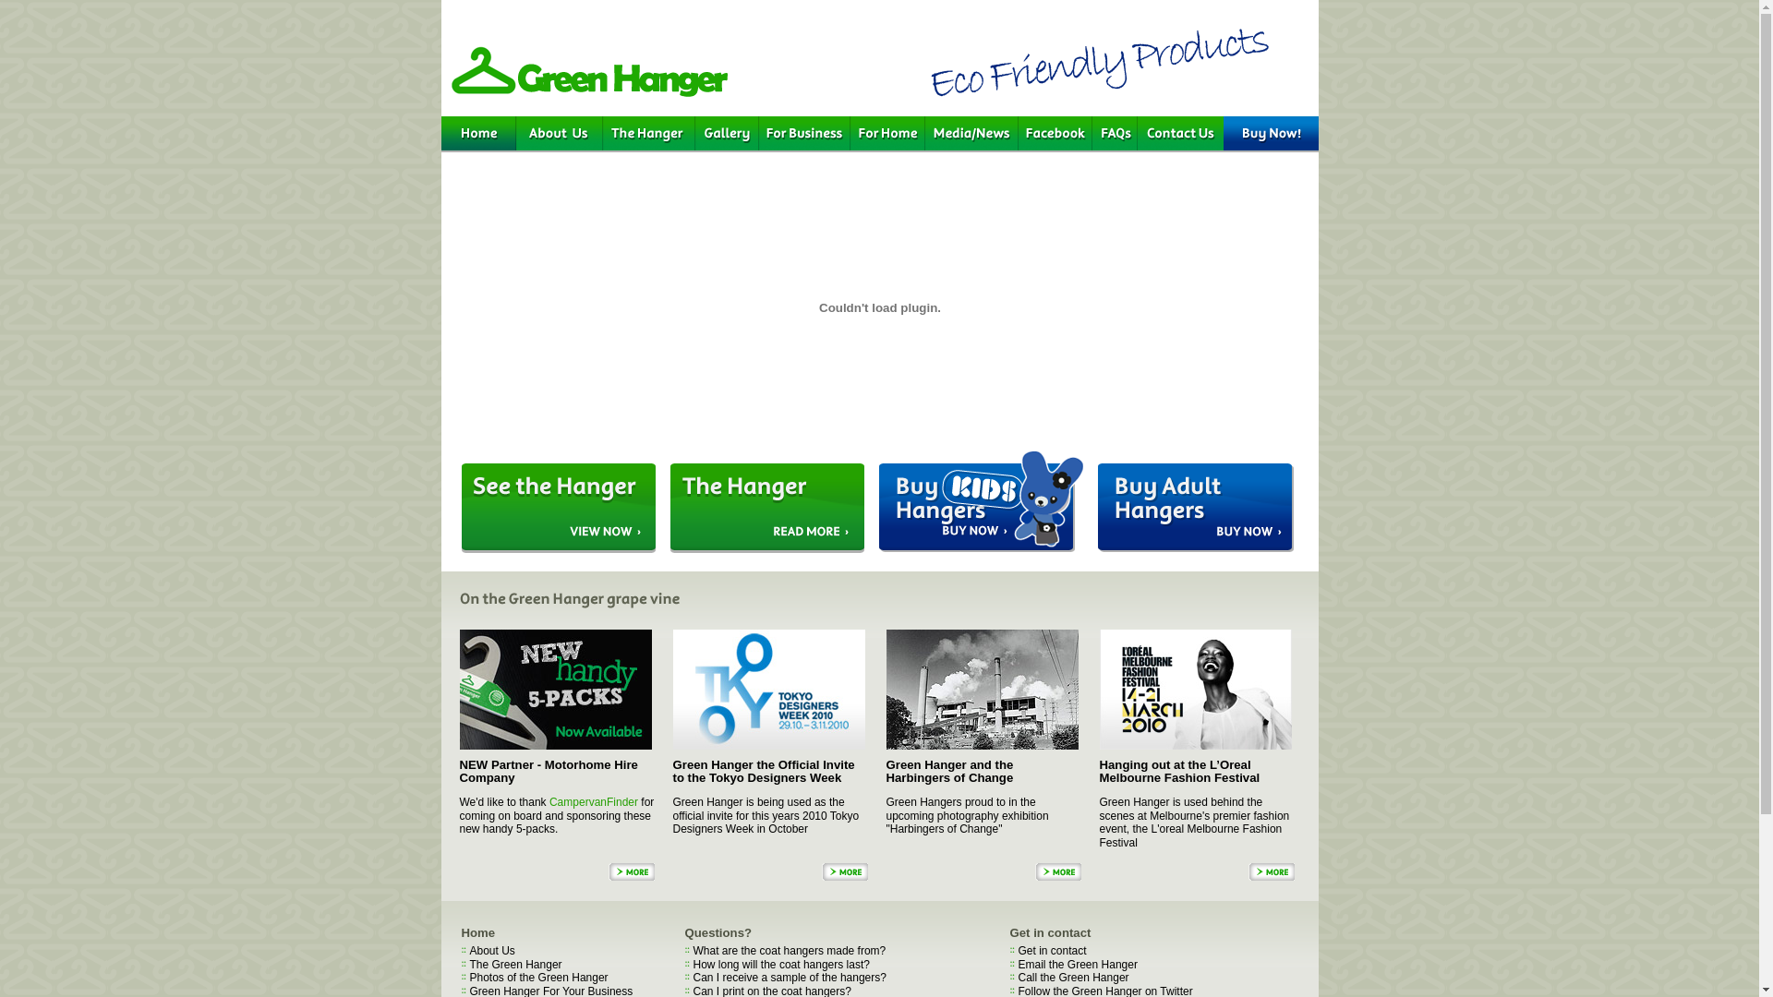 This screenshot has height=997, width=1773. Describe the element at coordinates (537, 977) in the screenshot. I see `'Photos of the Green Hanger'` at that location.